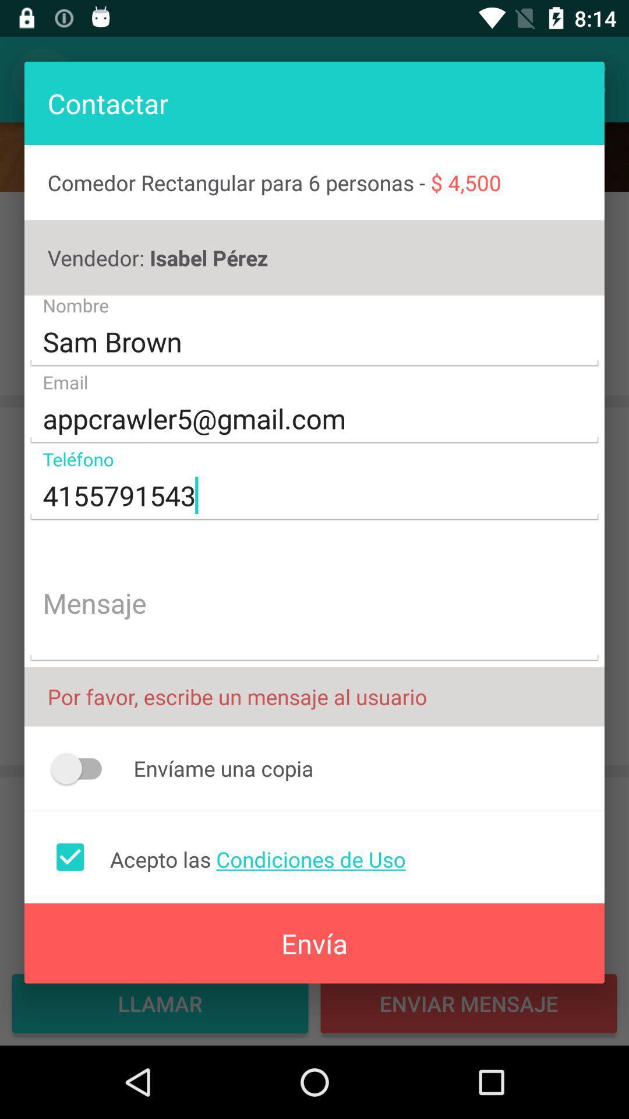 The height and width of the screenshot is (1119, 629). I want to click on accept terms and conditions, so click(70, 857).